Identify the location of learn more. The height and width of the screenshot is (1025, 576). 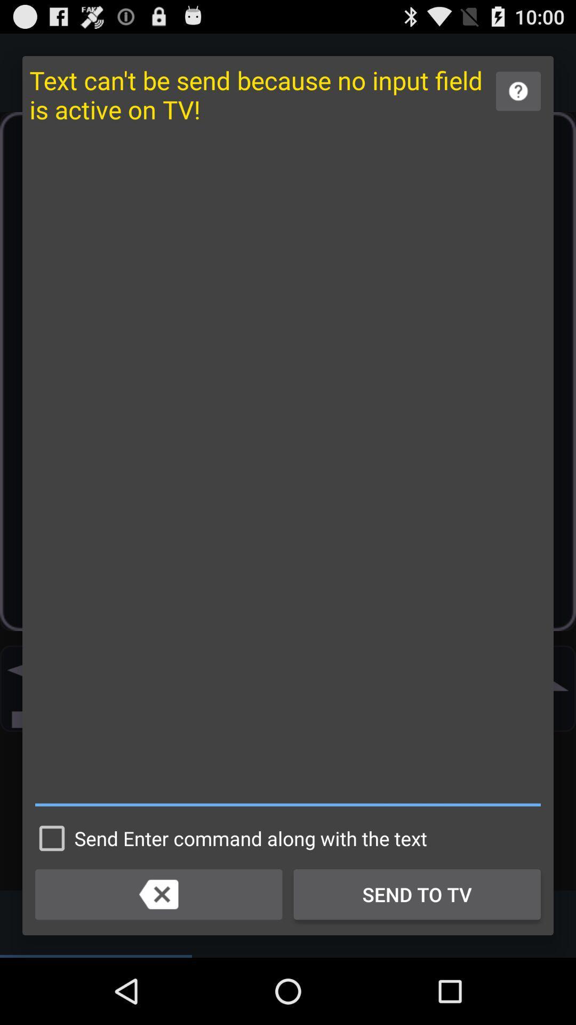
(518, 91).